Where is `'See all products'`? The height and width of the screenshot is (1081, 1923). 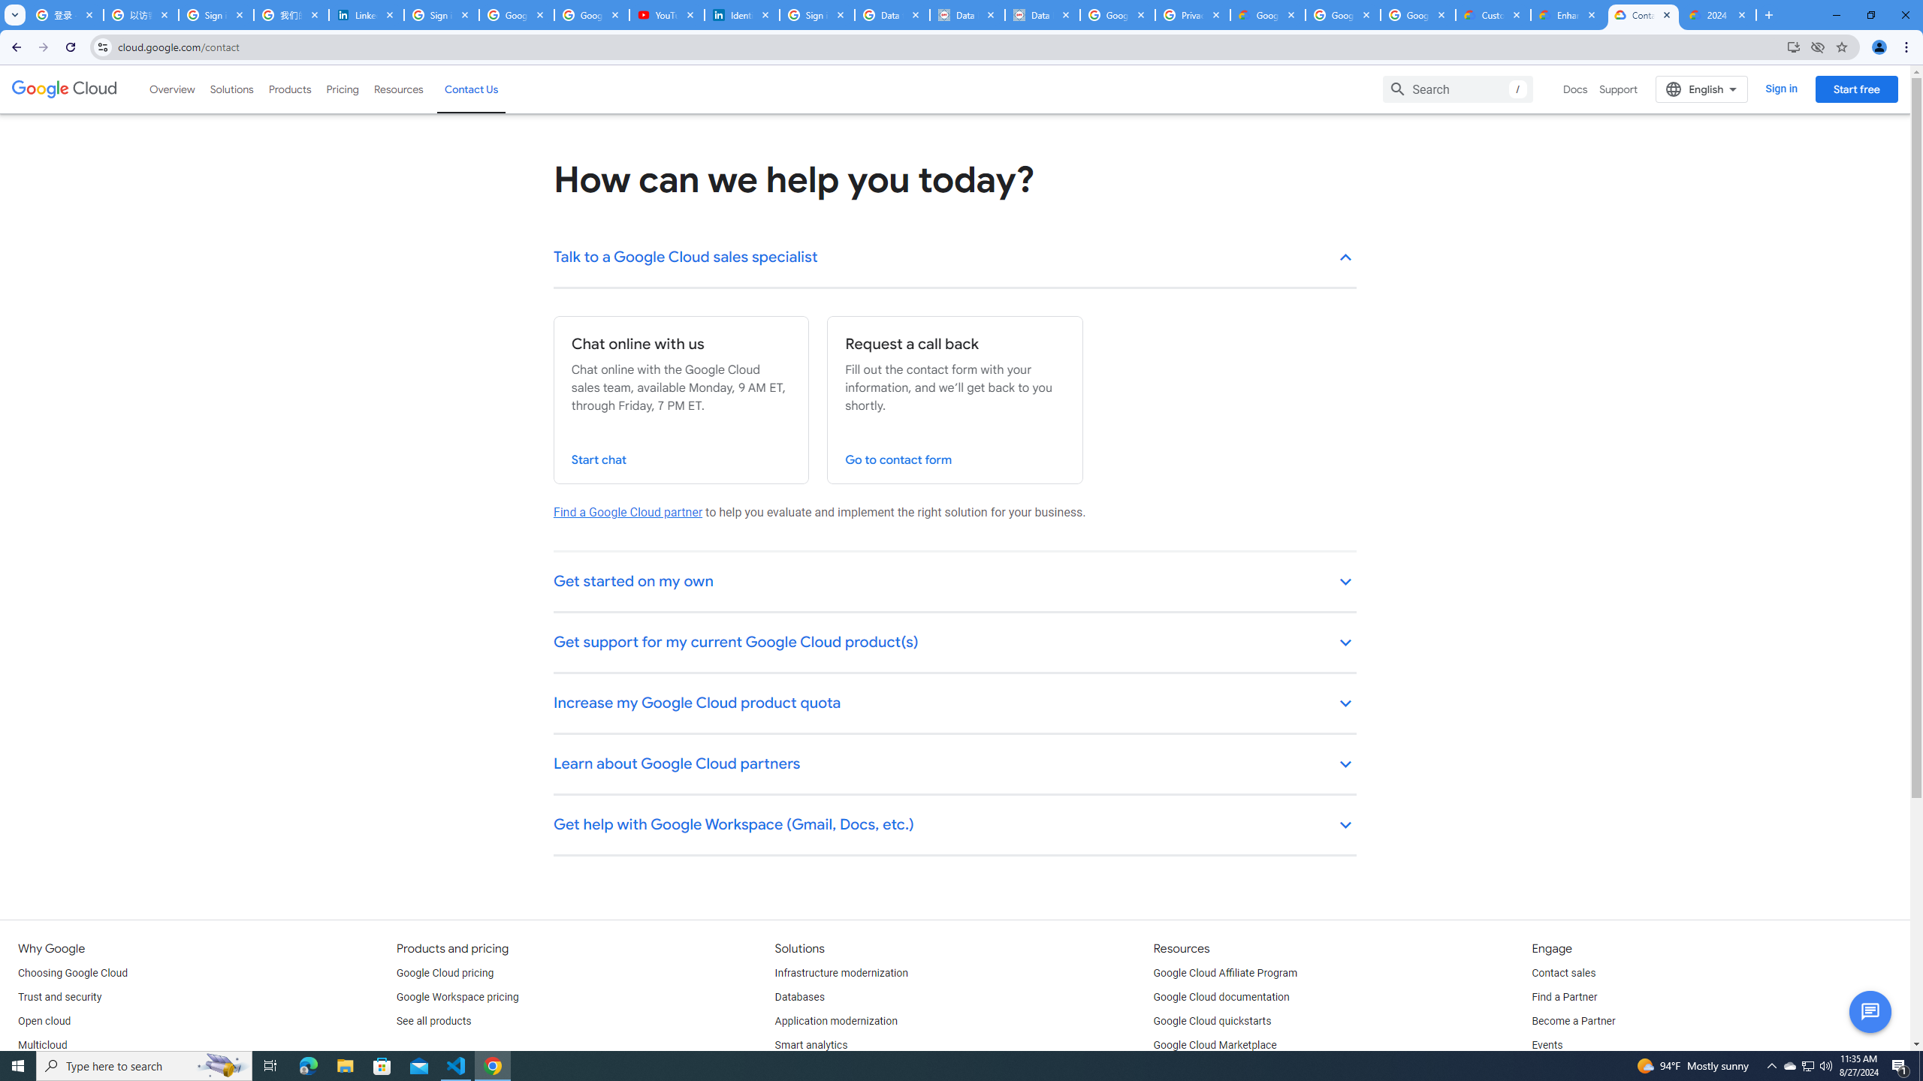 'See all products' is located at coordinates (433, 1020).